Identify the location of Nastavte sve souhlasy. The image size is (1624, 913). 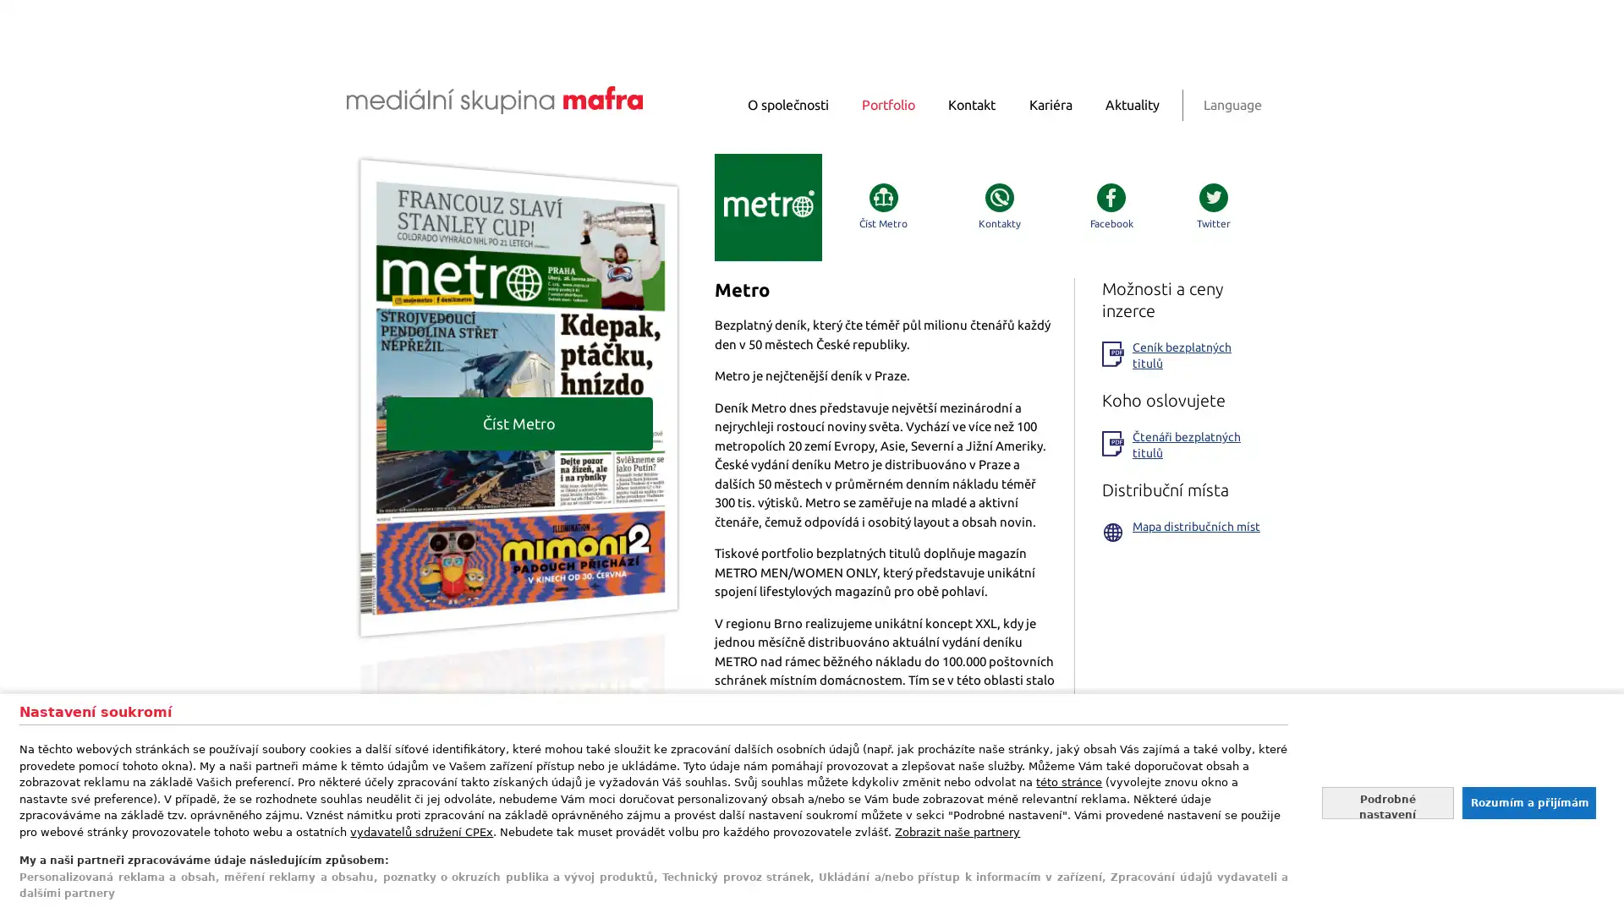
(1387, 801).